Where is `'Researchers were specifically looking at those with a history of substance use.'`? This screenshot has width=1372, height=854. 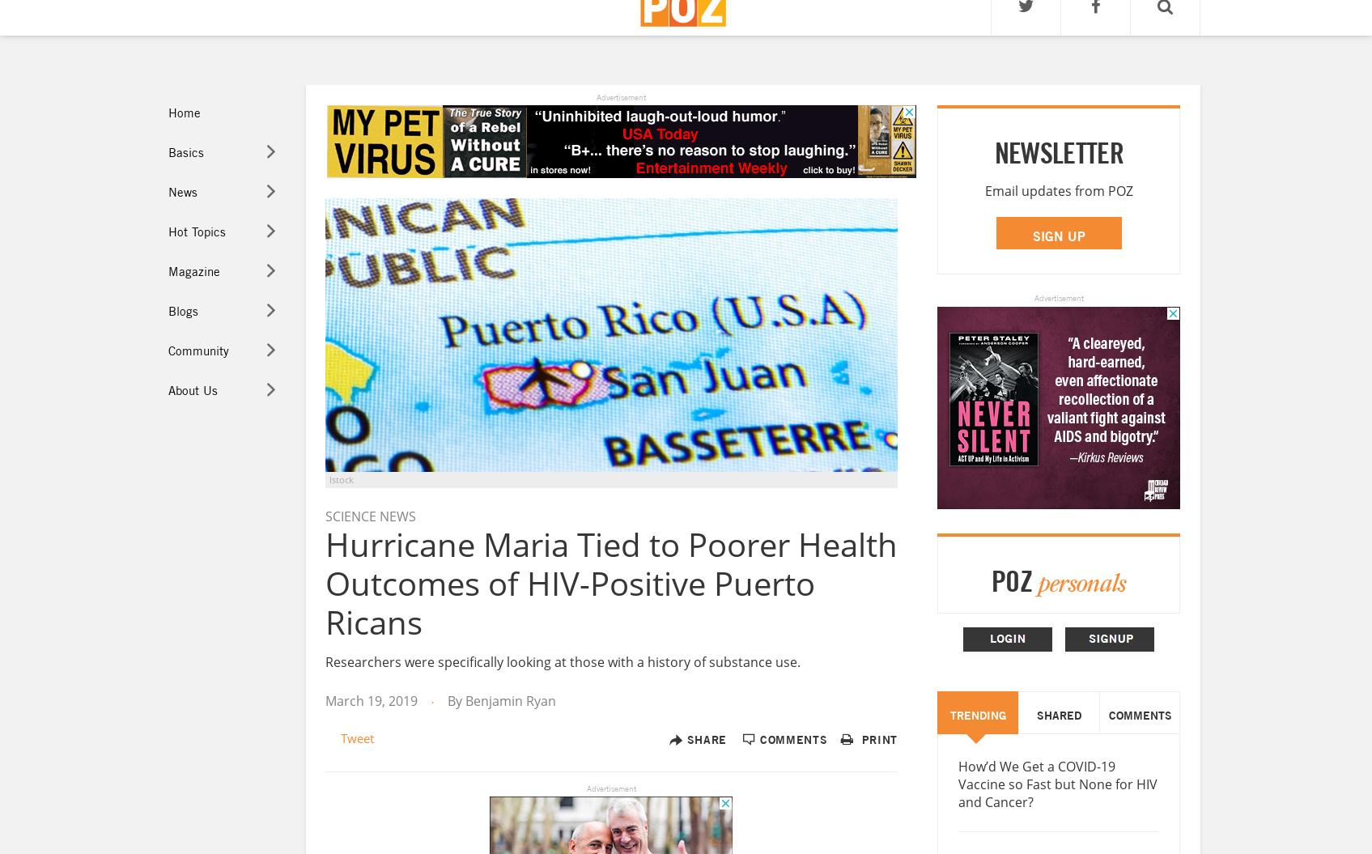 'Researchers were specifically looking at those with a history of substance use.' is located at coordinates (562, 660).